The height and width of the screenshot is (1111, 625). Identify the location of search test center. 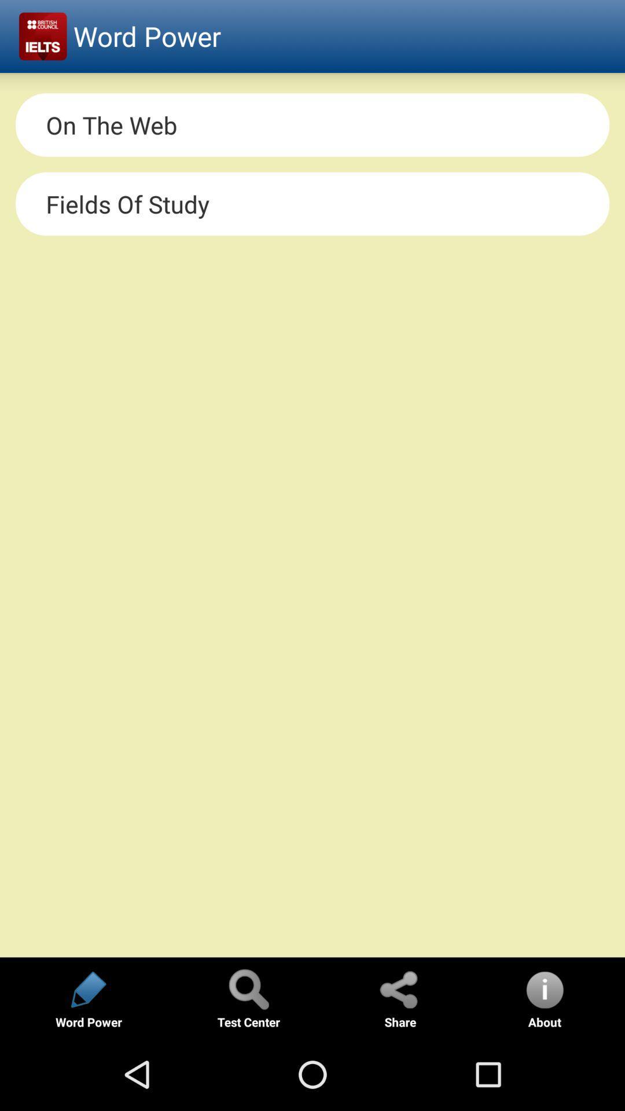
(248, 988).